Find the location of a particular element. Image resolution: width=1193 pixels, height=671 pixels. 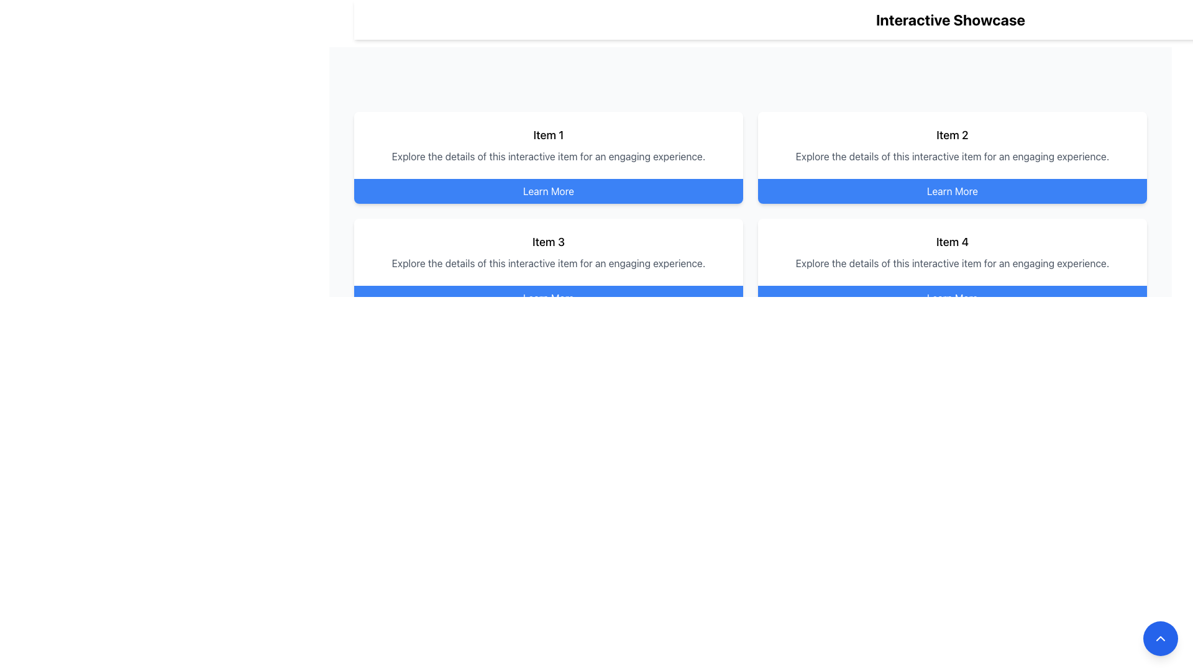

the text label providing details about the 'Item 3' panel, which is located just above the 'Learn More' button is located at coordinates (548, 263).